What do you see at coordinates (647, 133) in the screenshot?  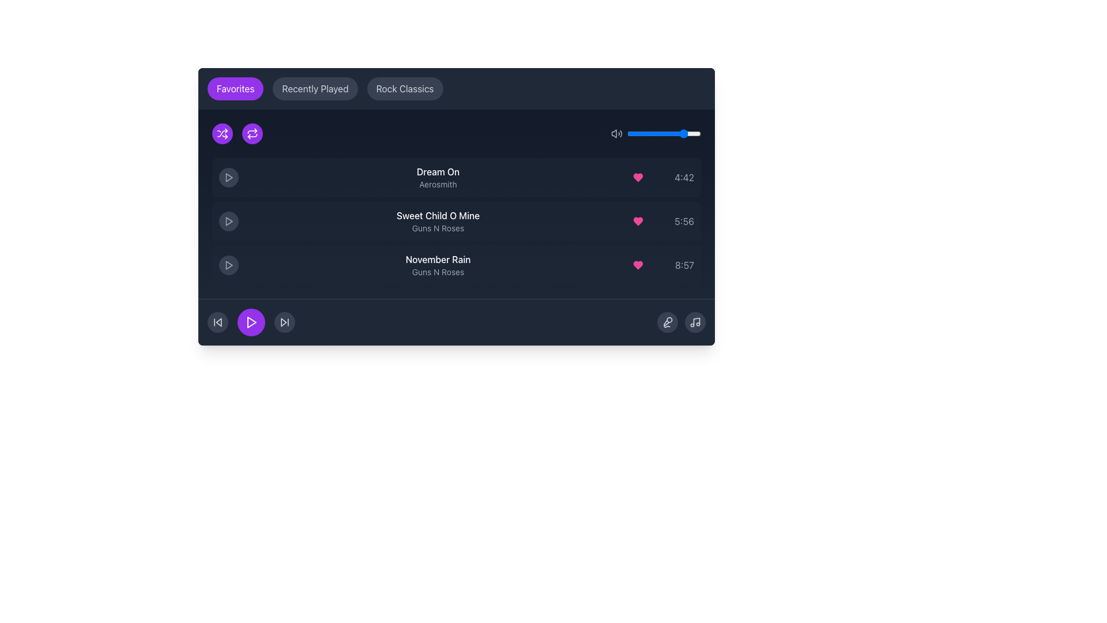 I see `the volume` at bounding box center [647, 133].